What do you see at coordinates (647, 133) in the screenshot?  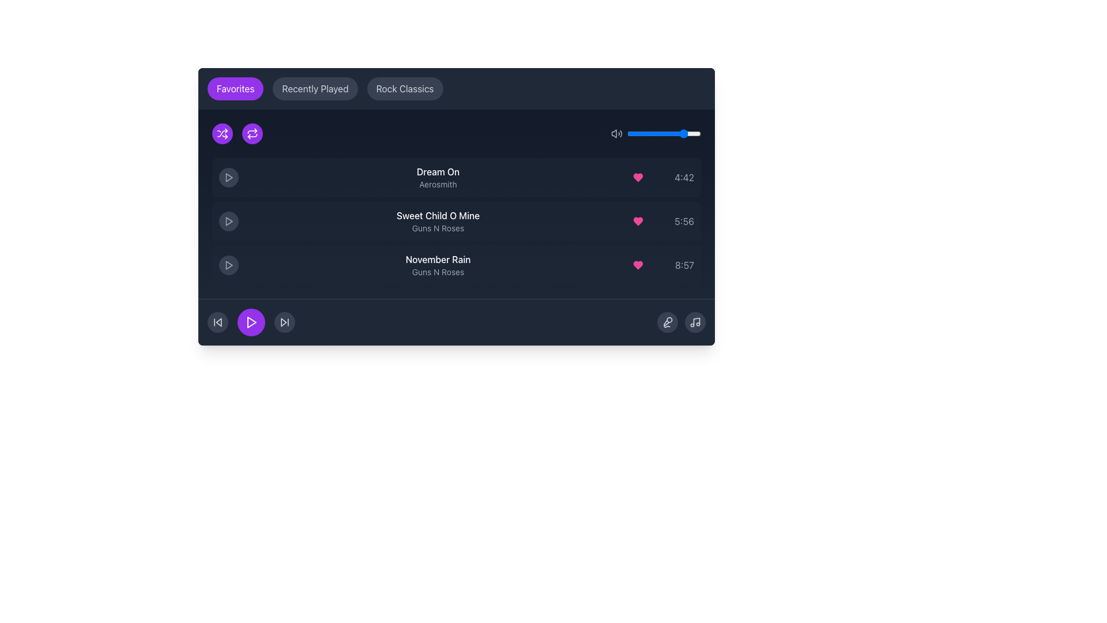 I see `the volume` at bounding box center [647, 133].